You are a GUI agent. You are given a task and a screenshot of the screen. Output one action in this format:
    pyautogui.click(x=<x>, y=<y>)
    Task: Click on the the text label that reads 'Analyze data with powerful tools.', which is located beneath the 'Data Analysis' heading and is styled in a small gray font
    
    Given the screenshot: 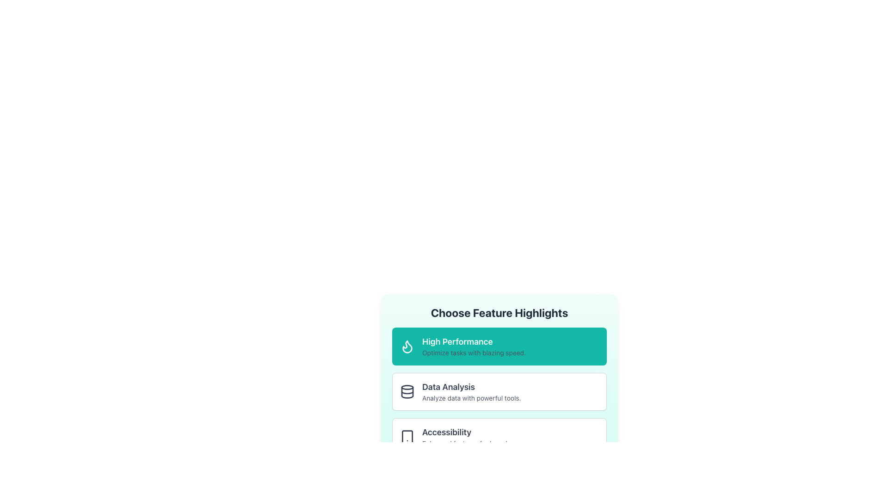 What is the action you would take?
    pyautogui.click(x=471, y=397)
    